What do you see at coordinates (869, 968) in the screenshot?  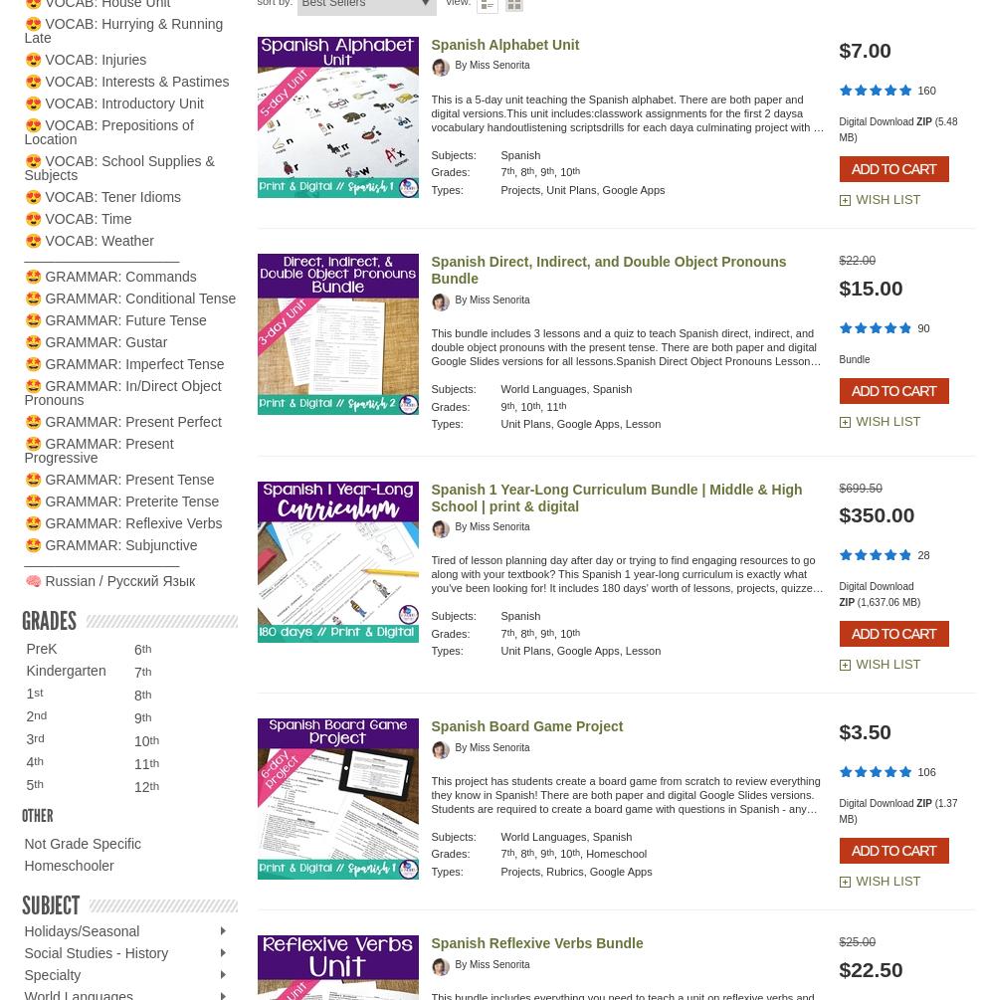 I see `'$22.50'` at bounding box center [869, 968].